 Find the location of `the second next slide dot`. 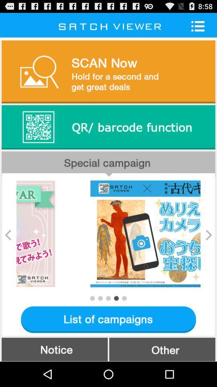

the second next slide dot is located at coordinates (100, 298).